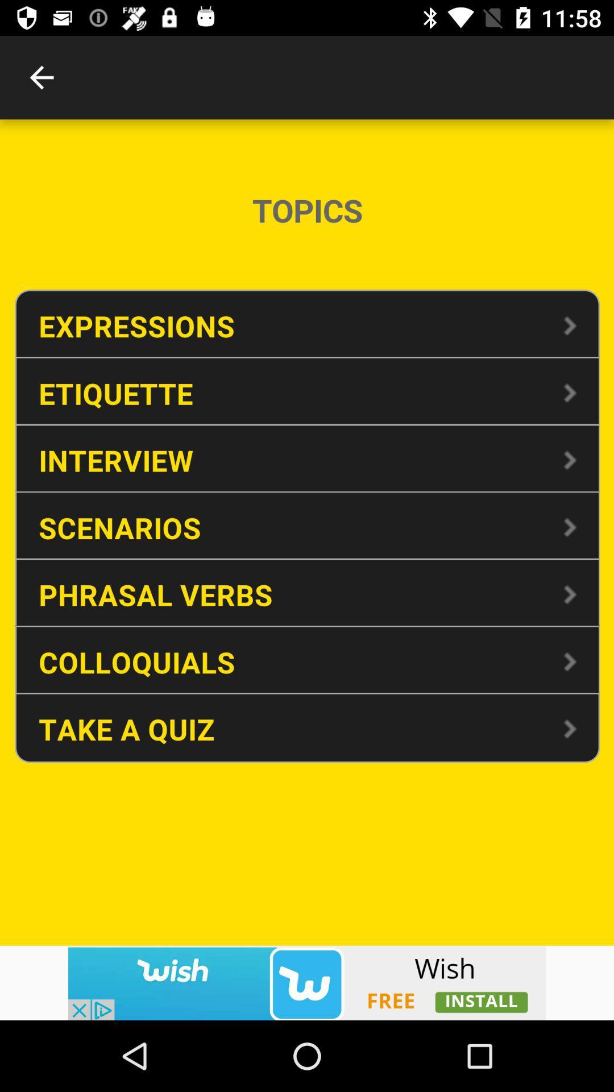 The width and height of the screenshot is (614, 1092). What do you see at coordinates (307, 982) in the screenshot?
I see `open advertisement` at bounding box center [307, 982].